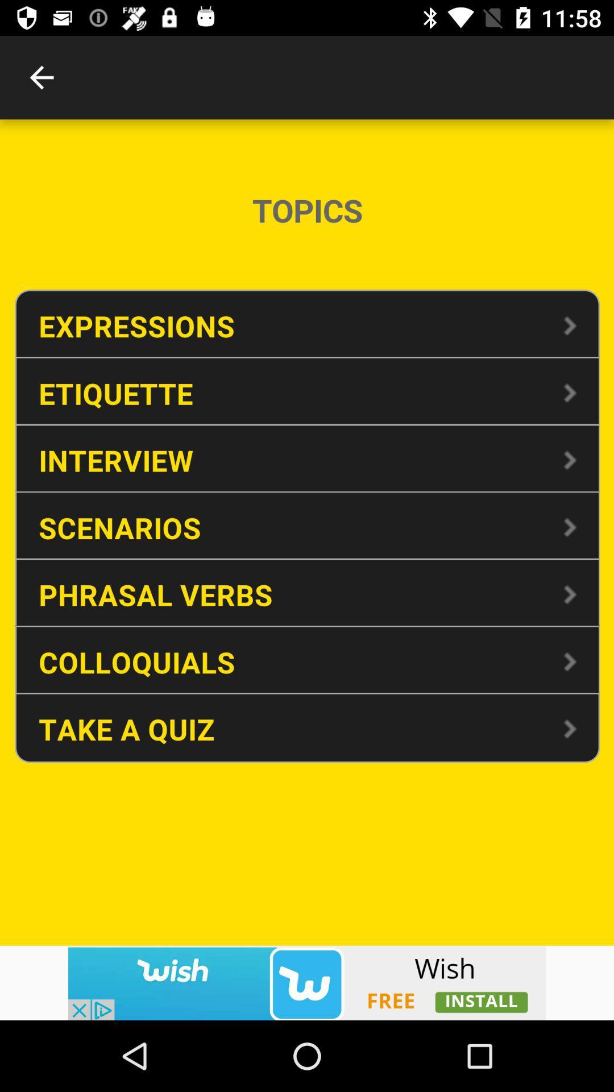 The width and height of the screenshot is (614, 1092). What do you see at coordinates (307, 982) in the screenshot?
I see `open advertisement` at bounding box center [307, 982].